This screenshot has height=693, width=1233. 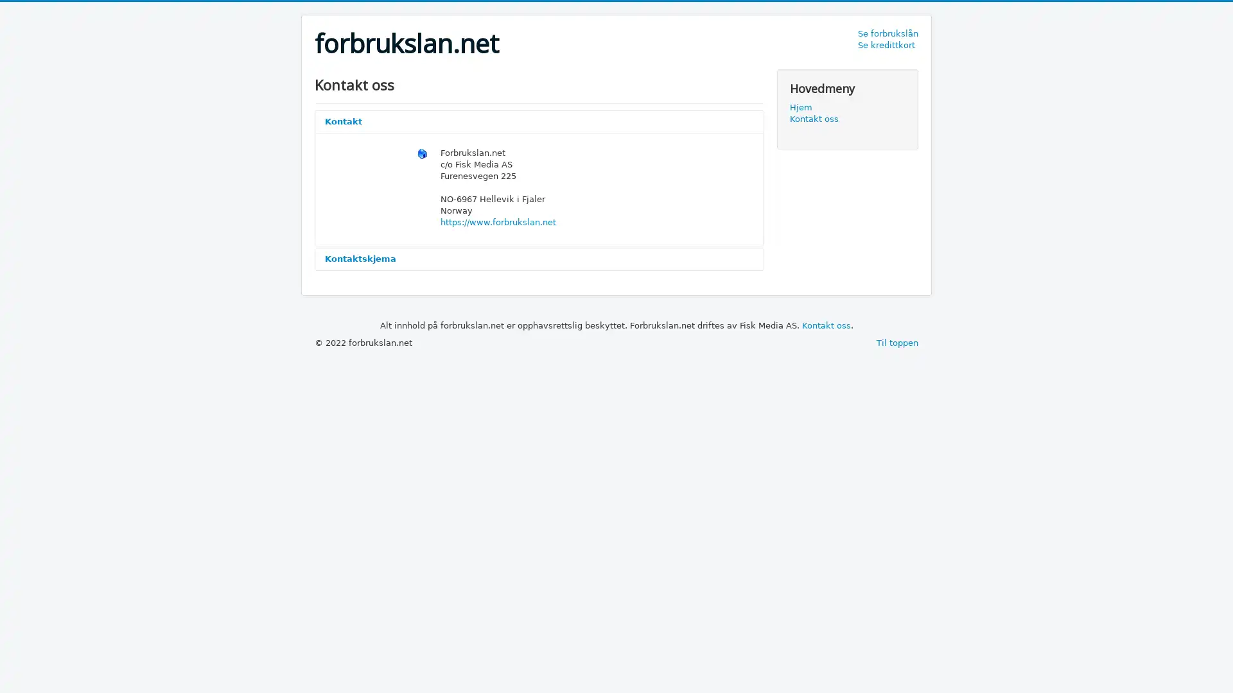 I want to click on Send e-post, so click(x=485, y=608).